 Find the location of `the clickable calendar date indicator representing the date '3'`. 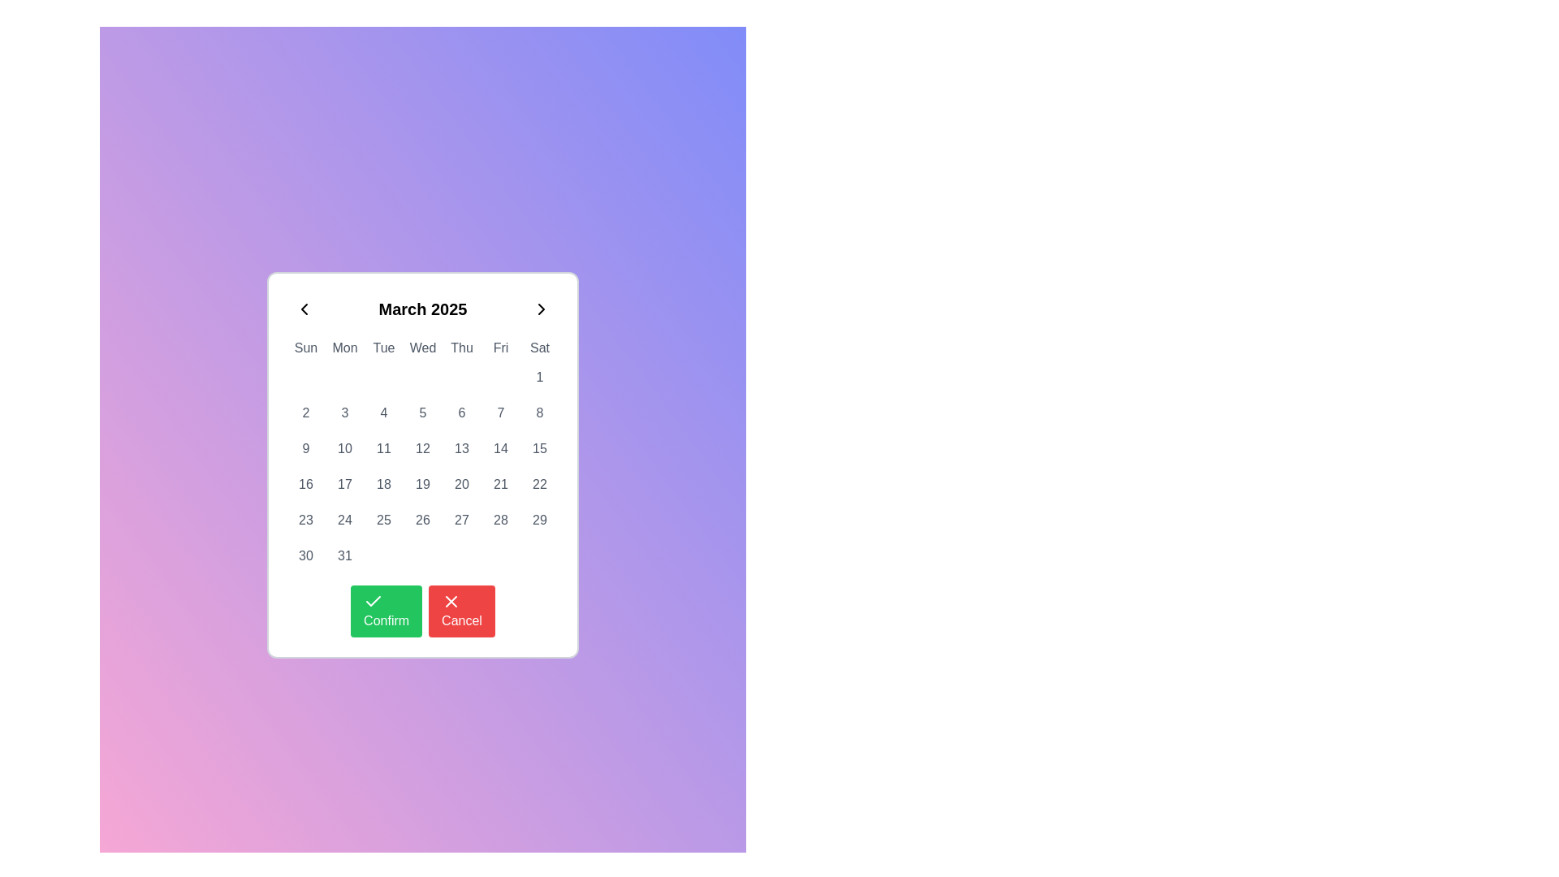

the clickable calendar date indicator representing the date '3' is located at coordinates (344, 413).